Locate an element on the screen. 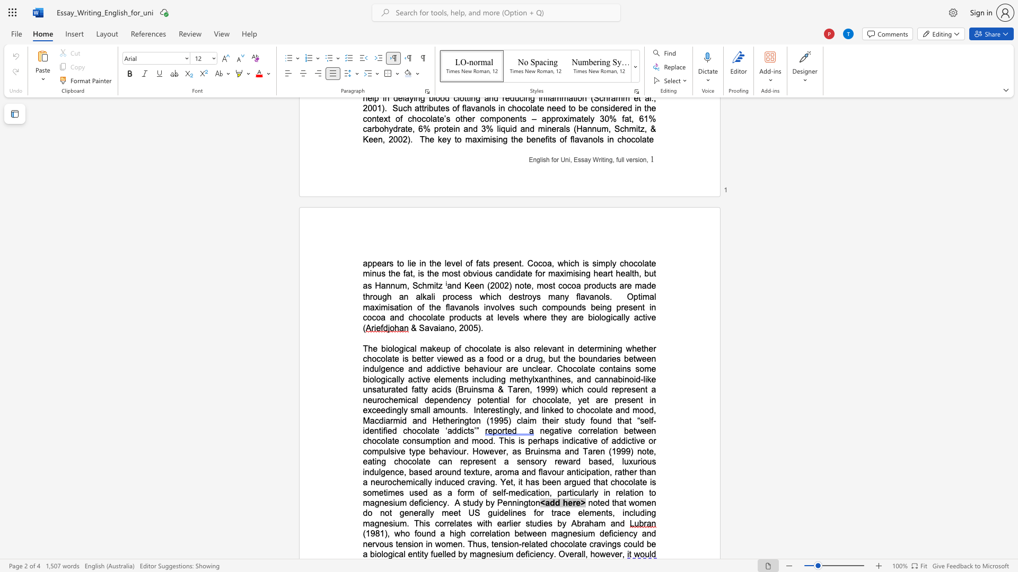 This screenshot has height=572, width=1018. the space between the continuous character "a" and "t" in the text is located at coordinates (493, 348).